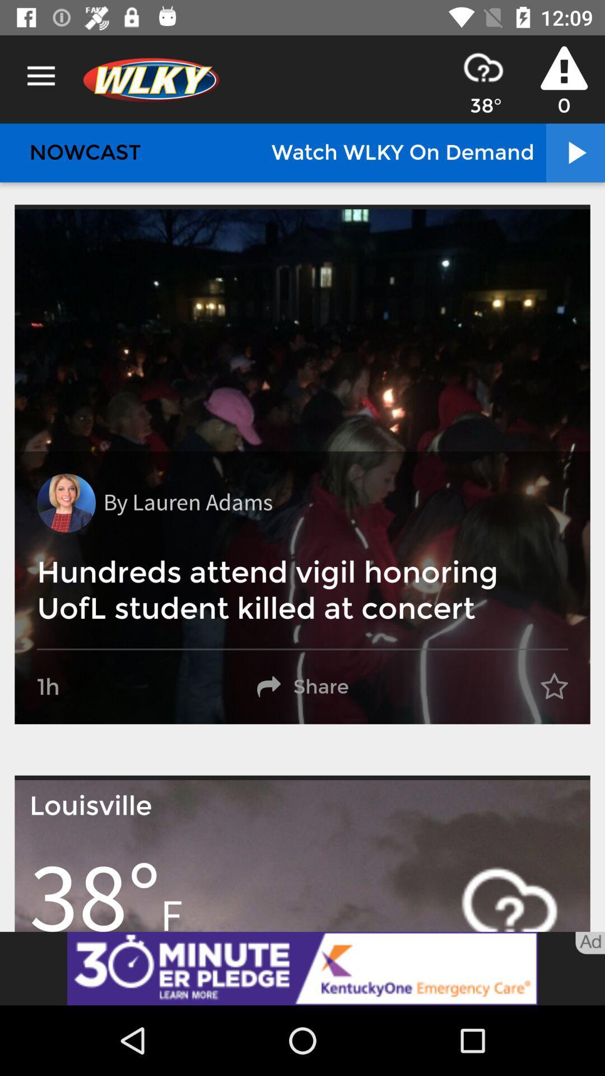 The height and width of the screenshot is (1076, 605). Describe the element at coordinates (302, 968) in the screenshot. I see `advertisement` at that location.